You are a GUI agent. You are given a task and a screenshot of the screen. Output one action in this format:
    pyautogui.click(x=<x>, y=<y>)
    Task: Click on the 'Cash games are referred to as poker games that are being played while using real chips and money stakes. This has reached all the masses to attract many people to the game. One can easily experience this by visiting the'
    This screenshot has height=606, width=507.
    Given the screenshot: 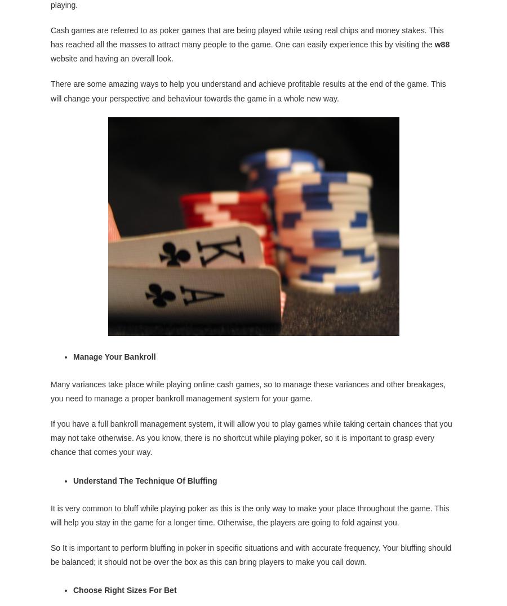 What is the action you would take?
    pyautogui.click(x=247, y=37)
    